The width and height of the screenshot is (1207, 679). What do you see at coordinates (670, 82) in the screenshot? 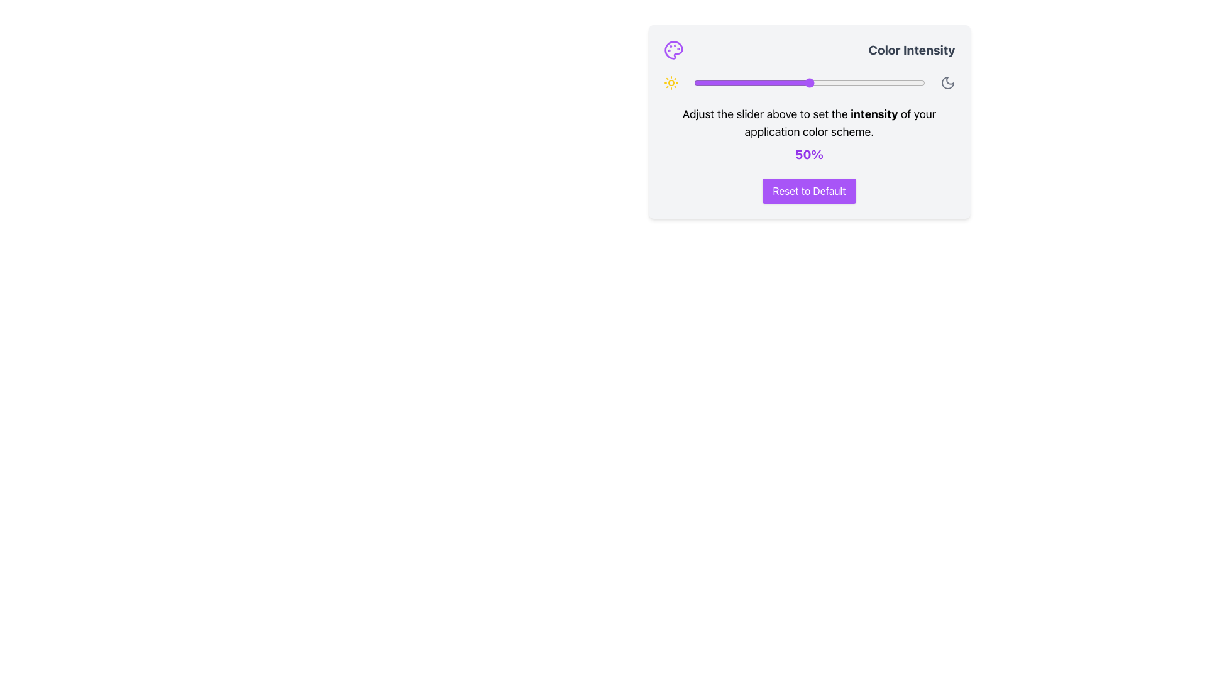
I see `the sun icon located on the left side of the layout, which represents light mode or brightness adjustment settings` at bounding box center [670, 82].